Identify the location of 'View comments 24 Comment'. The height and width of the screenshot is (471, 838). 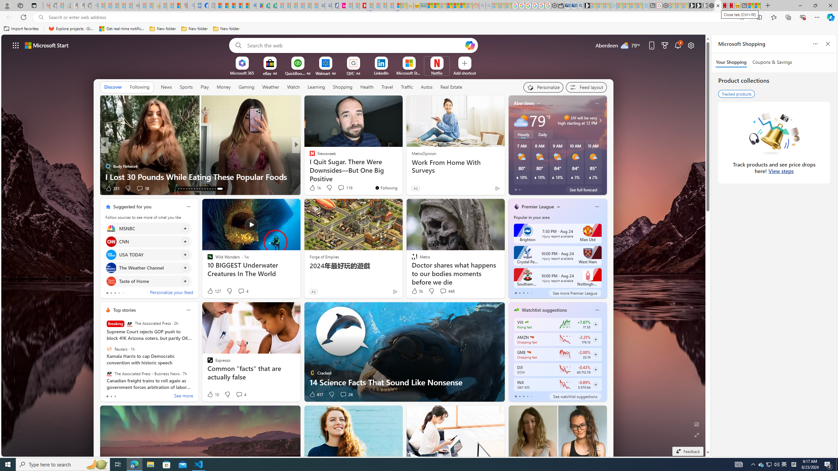
(346, 394).